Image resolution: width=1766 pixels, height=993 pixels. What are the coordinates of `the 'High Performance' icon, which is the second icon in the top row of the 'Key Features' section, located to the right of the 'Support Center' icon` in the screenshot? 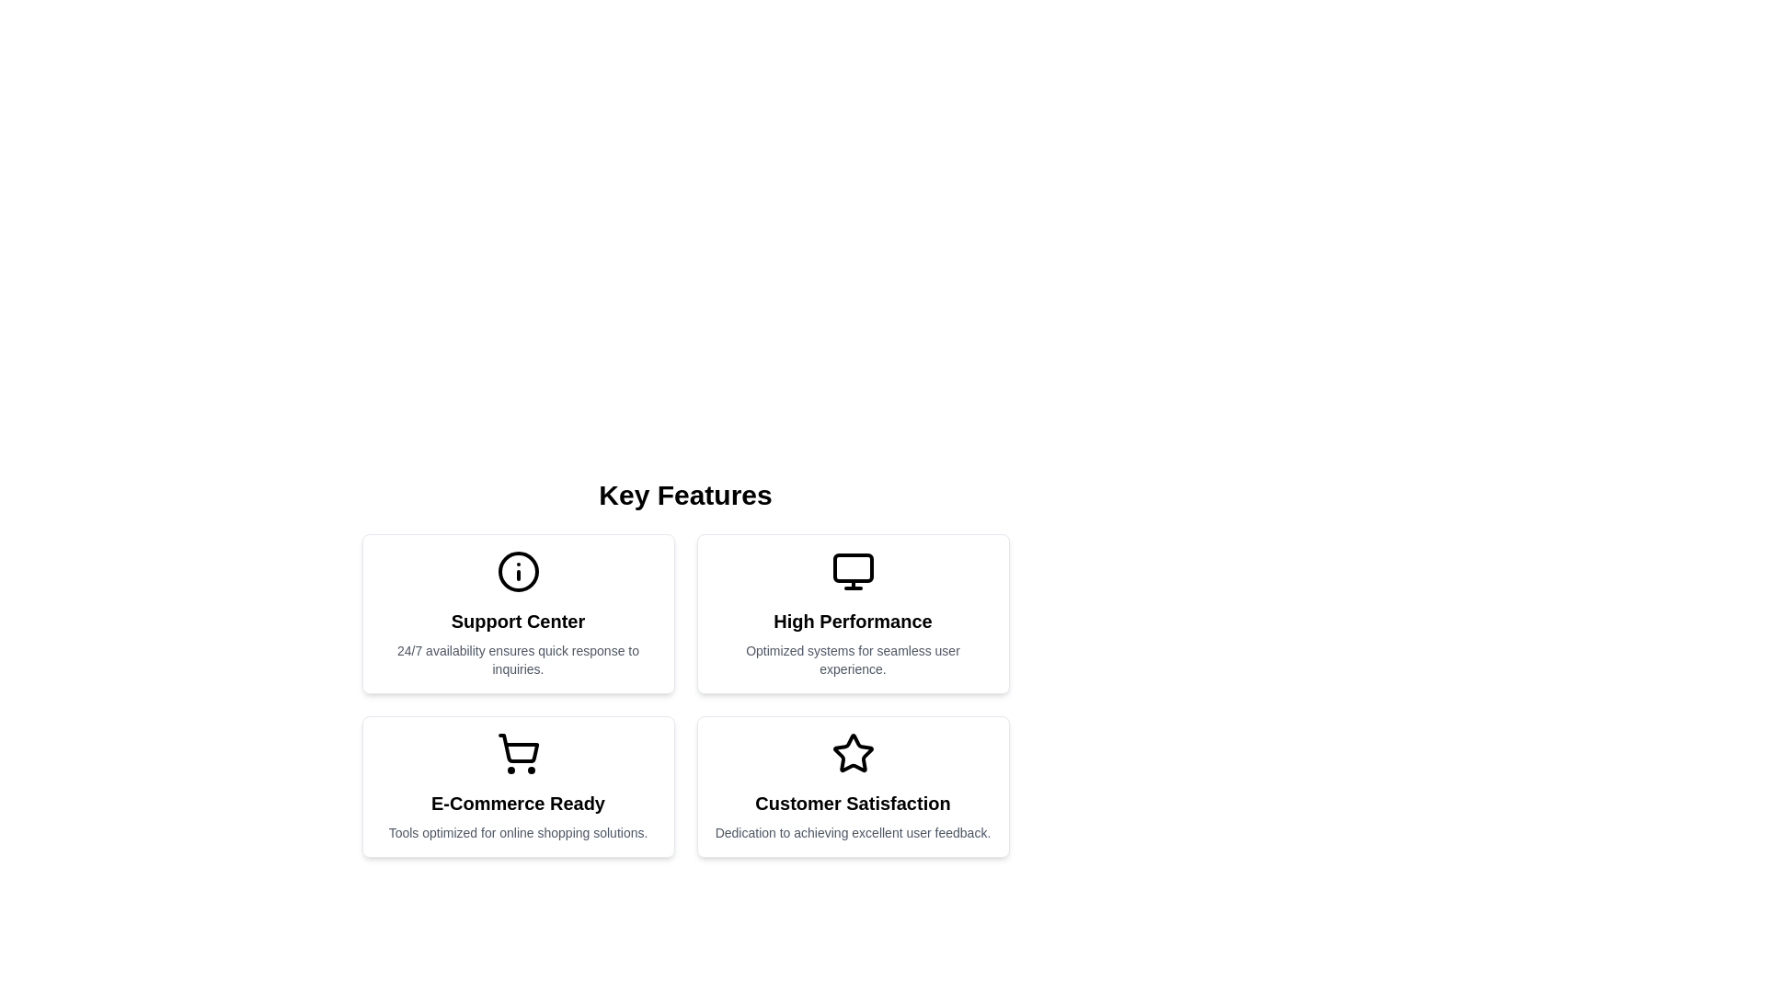 It's located at (852, 570).